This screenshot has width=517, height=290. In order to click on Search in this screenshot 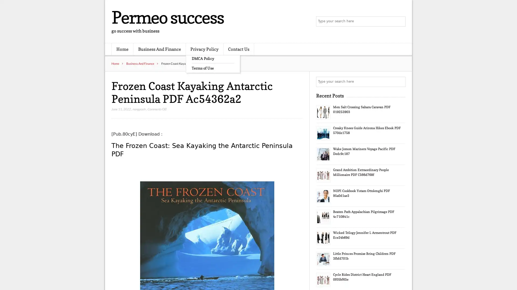, I will do `click(400, 82)`.